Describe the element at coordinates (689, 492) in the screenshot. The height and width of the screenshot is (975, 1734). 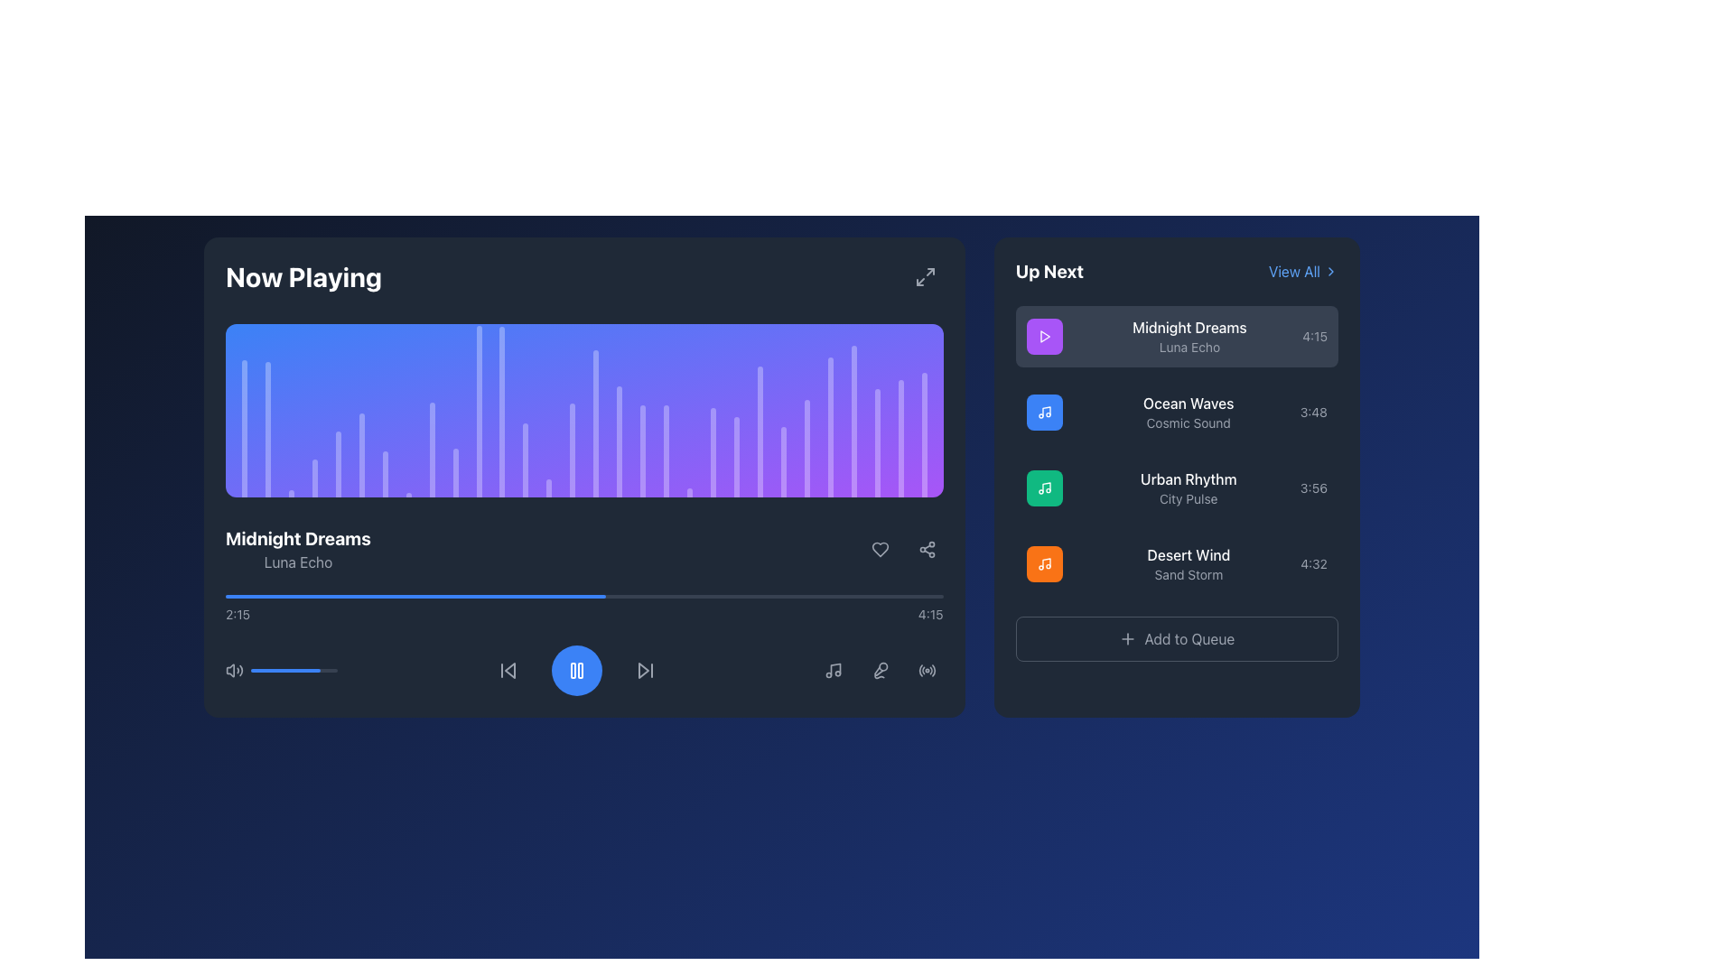
I see `the 19th vertical bar in the waveform display, which is a narrow bar with a rounded top, semi-transparent white color, and part of a series of similar bars` at that location.